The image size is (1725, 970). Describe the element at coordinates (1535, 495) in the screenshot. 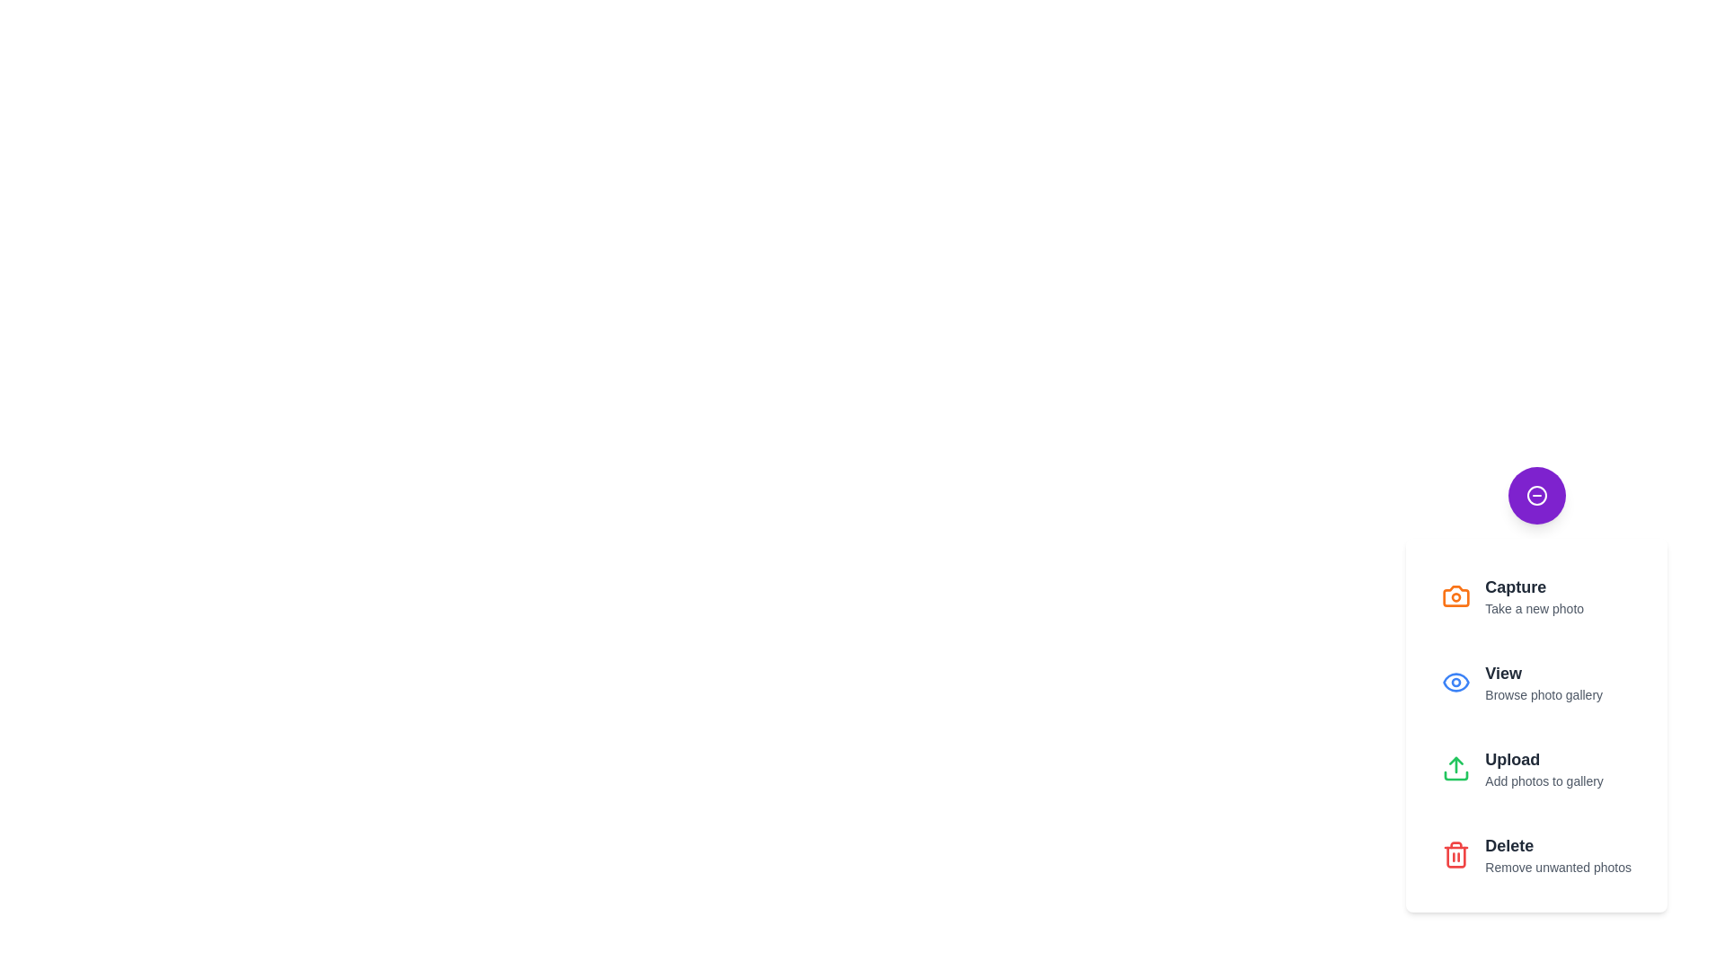

I see `menu toggle button to toggle the menu visibility` at that location.